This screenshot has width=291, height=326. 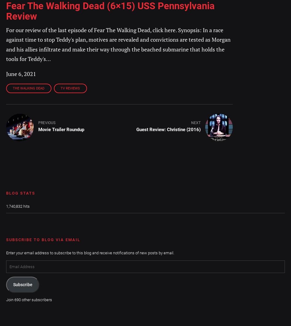 What do you see at coordinates (118, 44) in the screenshot?
I see `'For our review of the last episode of Fear The Walking Dead, click here. Synopsis: In a race against time to stop Teddy's plan, motives are revealed and convictions are tested as Morgan and his allies infiltrate and make their way through the beached submarine that holds the tools for Teddy's…'` at bounding box center [118, 44].